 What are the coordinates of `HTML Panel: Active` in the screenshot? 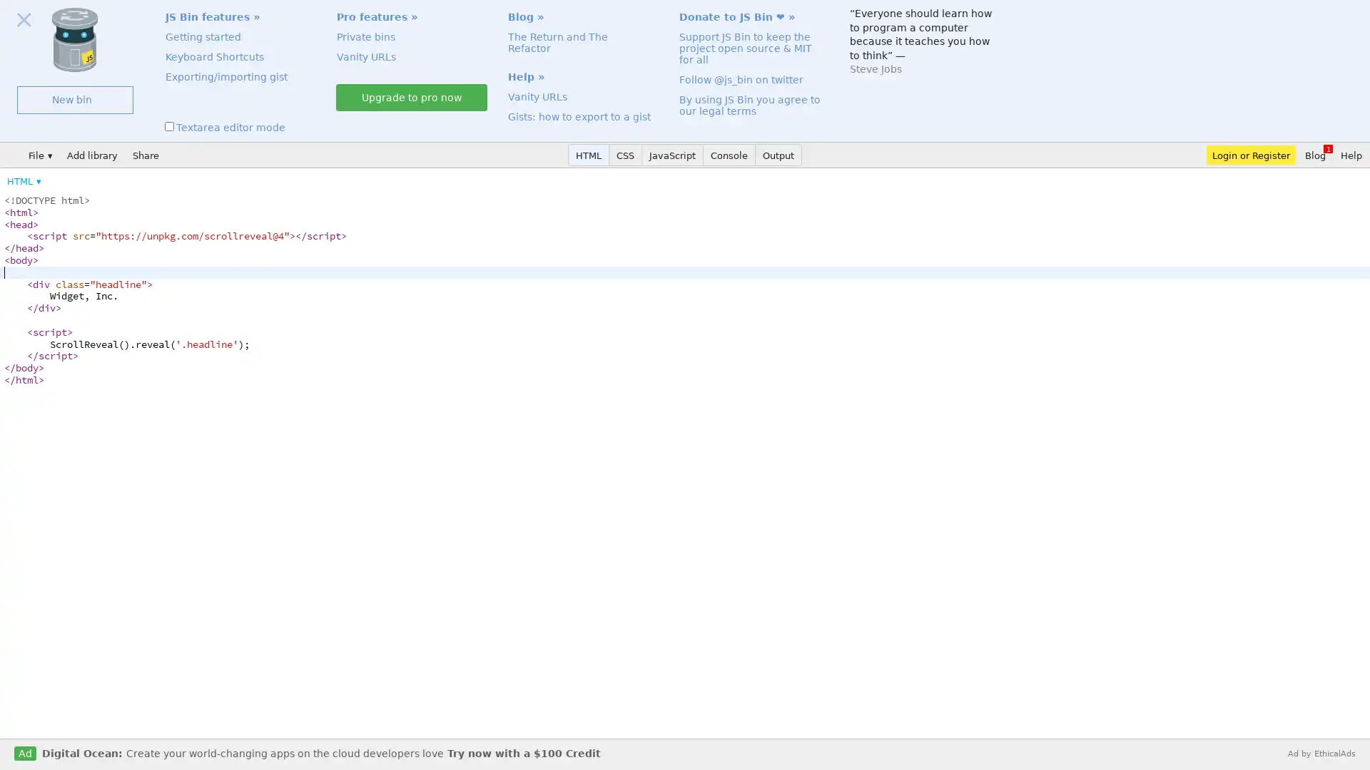 It's located at (589, 155).